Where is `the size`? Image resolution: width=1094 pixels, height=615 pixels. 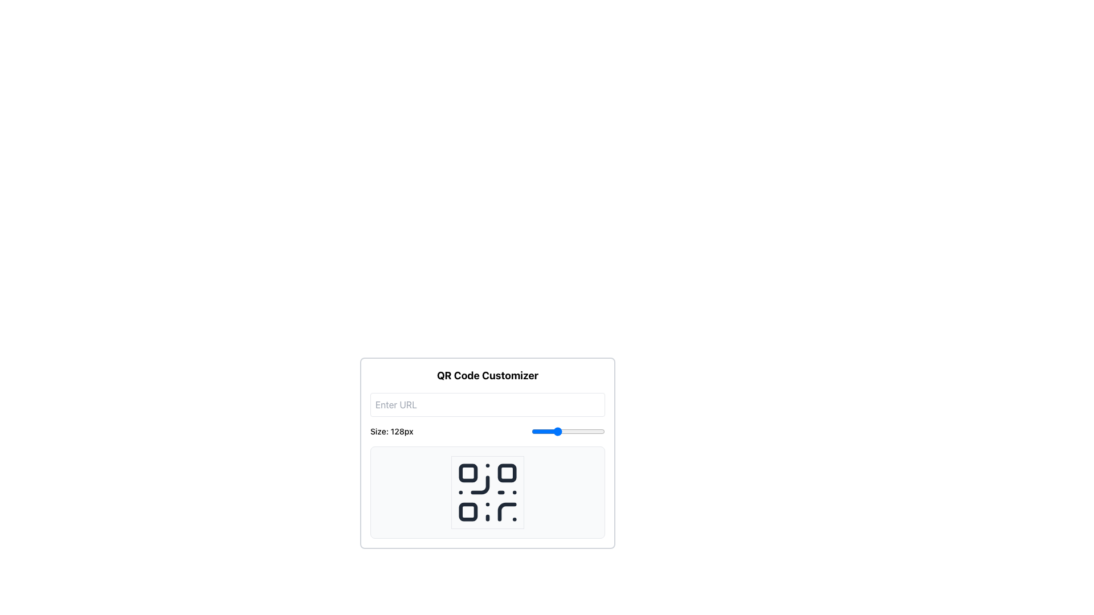
the size is located at coordinates (541, 432).